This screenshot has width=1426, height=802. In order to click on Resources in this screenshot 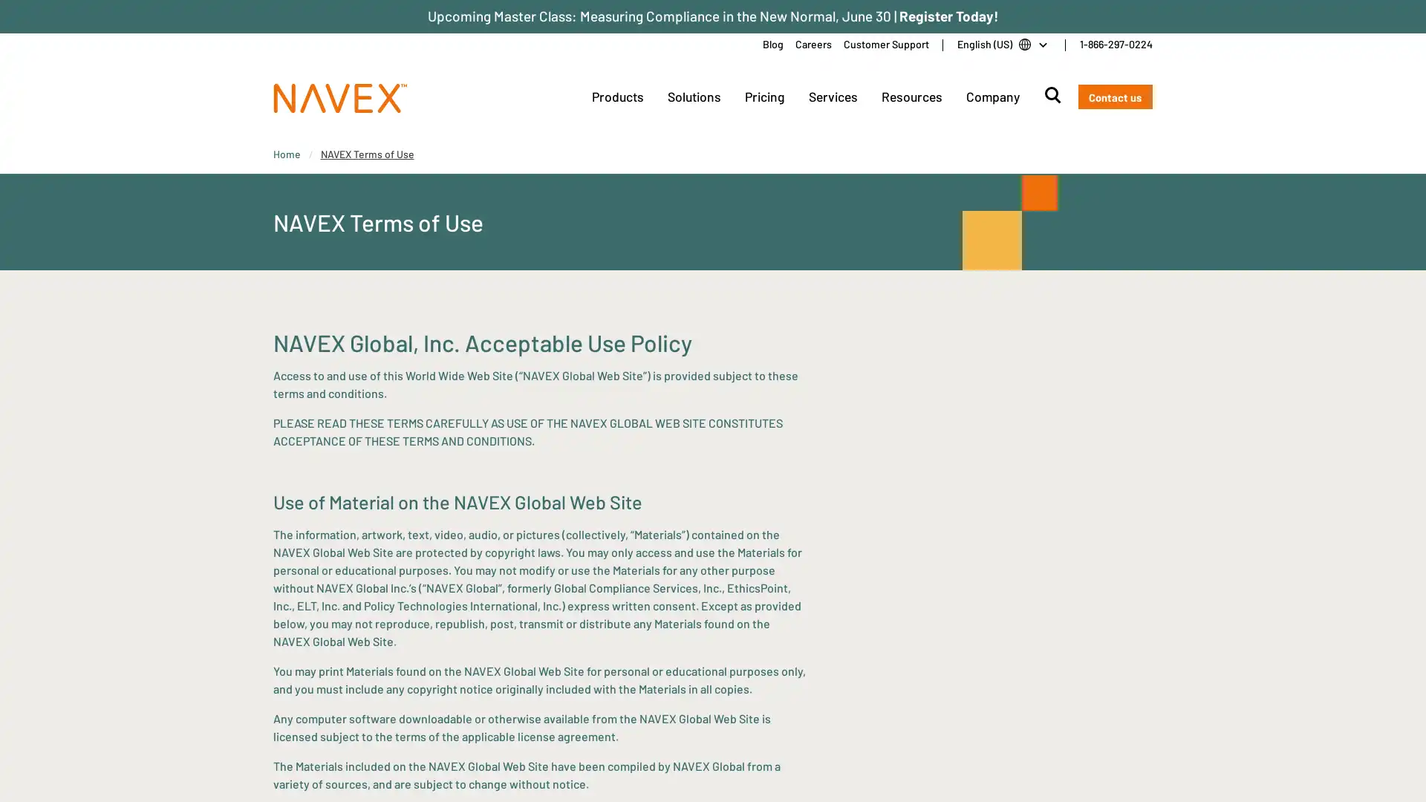, I will do `click(911, 97)`.